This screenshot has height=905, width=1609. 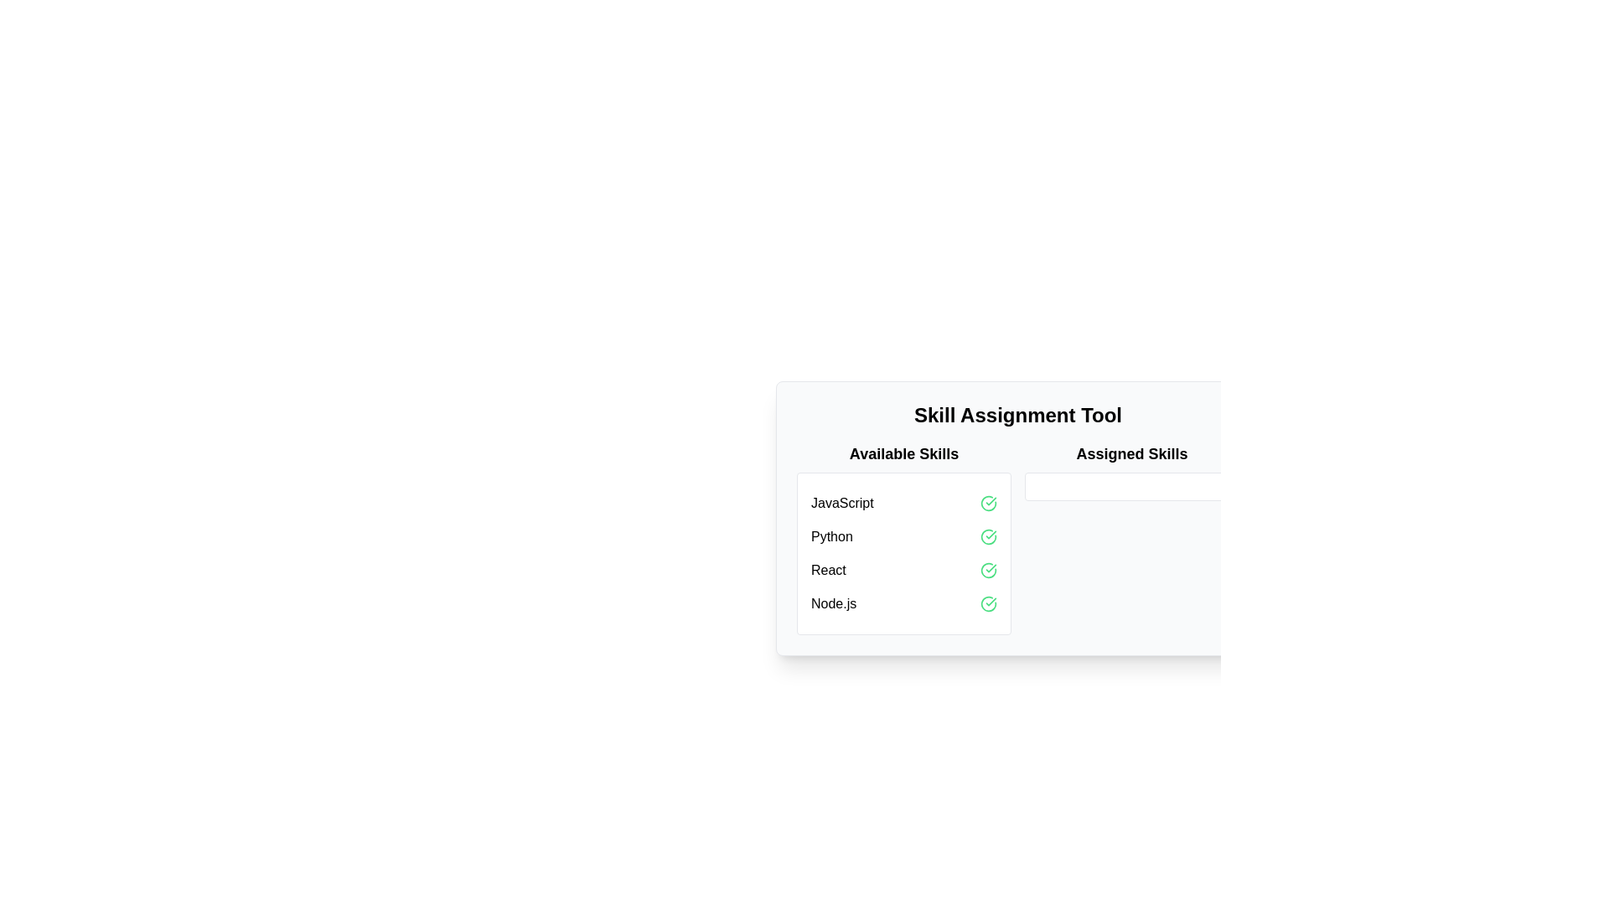 What do you see at coordinates (1017, 539) in the screenshot?
I see `the 'Available Skills' section of the 'Skill Assignment Tool'` at bounding box center [1017, 539].